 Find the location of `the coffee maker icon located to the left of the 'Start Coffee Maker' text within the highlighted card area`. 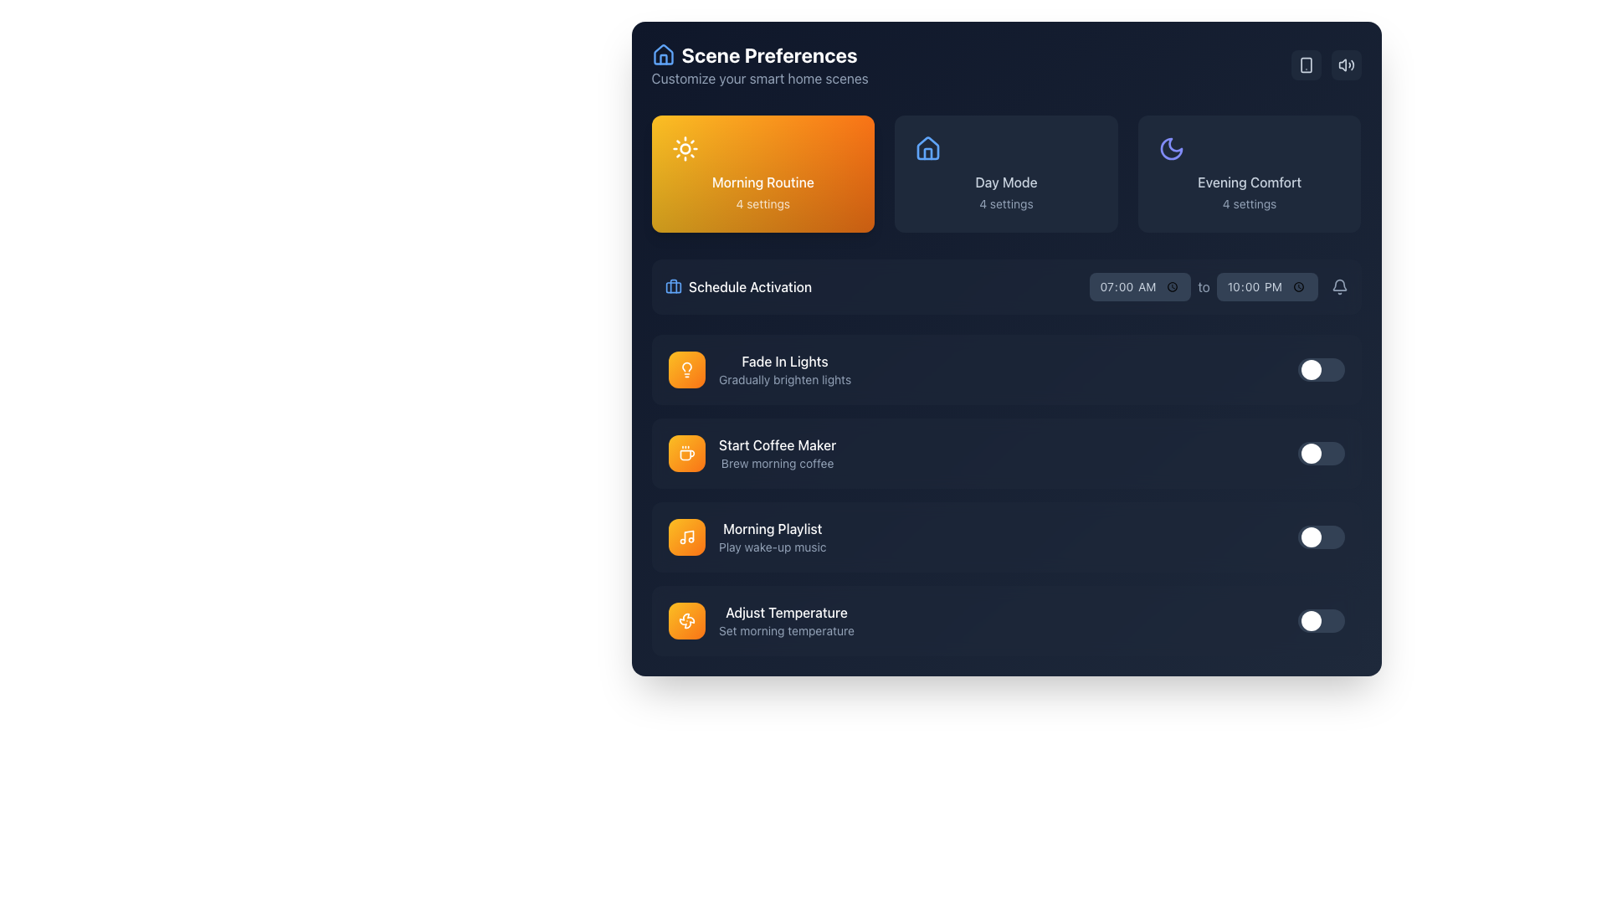

the coffee maker icon located to the left of the 'Start Coffee Maker' text within the highlighted card area is located at coordinates (686, 455).